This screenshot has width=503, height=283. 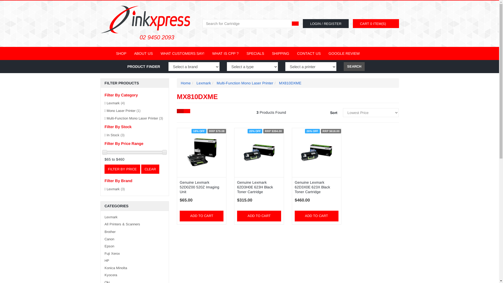 I want to click on 'Filter By Price', so click(x=122, y=169).